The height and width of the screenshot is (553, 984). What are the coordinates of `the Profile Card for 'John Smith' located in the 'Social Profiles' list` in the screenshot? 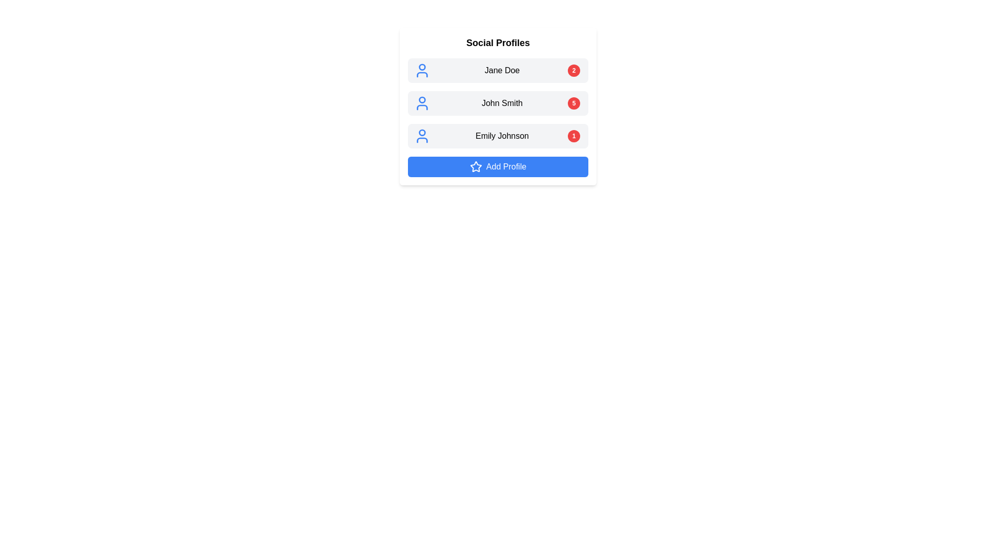 It's located at (498, 103).